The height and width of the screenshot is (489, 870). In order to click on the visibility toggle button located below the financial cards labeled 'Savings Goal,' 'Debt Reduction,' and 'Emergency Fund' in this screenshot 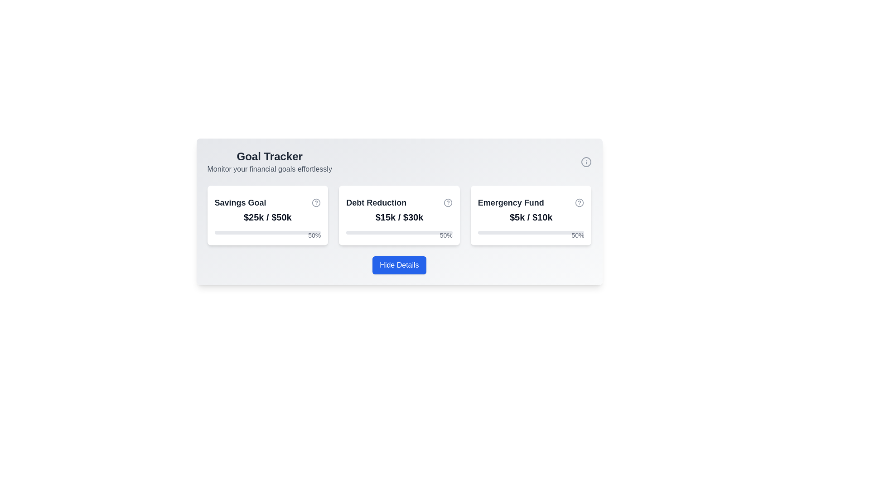, I will do `click(399, 265)`.